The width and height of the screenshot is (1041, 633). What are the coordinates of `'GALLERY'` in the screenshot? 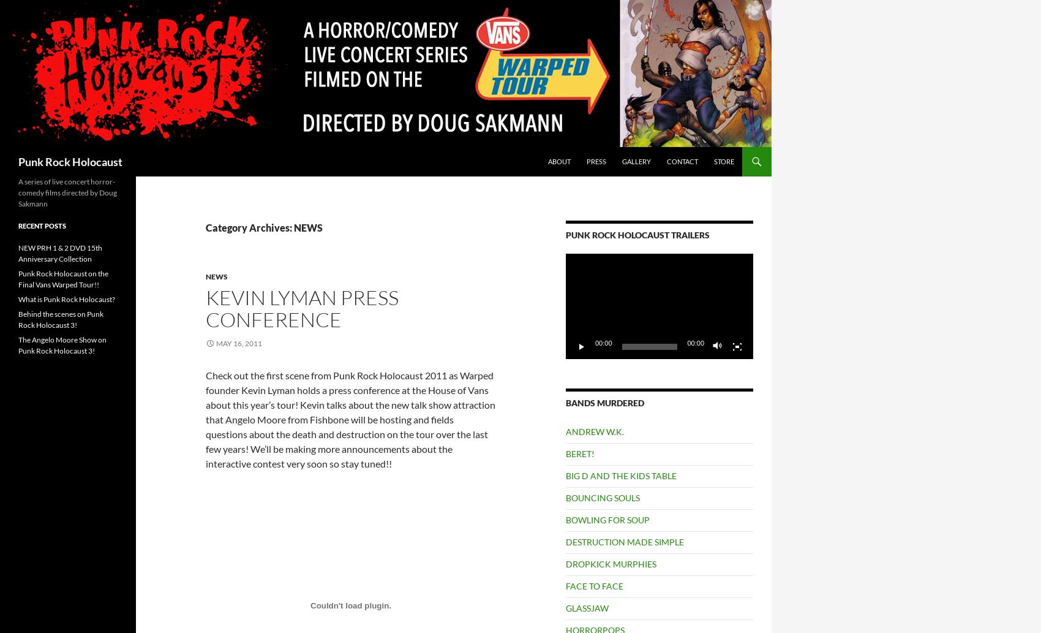 It's located at (636, 161).